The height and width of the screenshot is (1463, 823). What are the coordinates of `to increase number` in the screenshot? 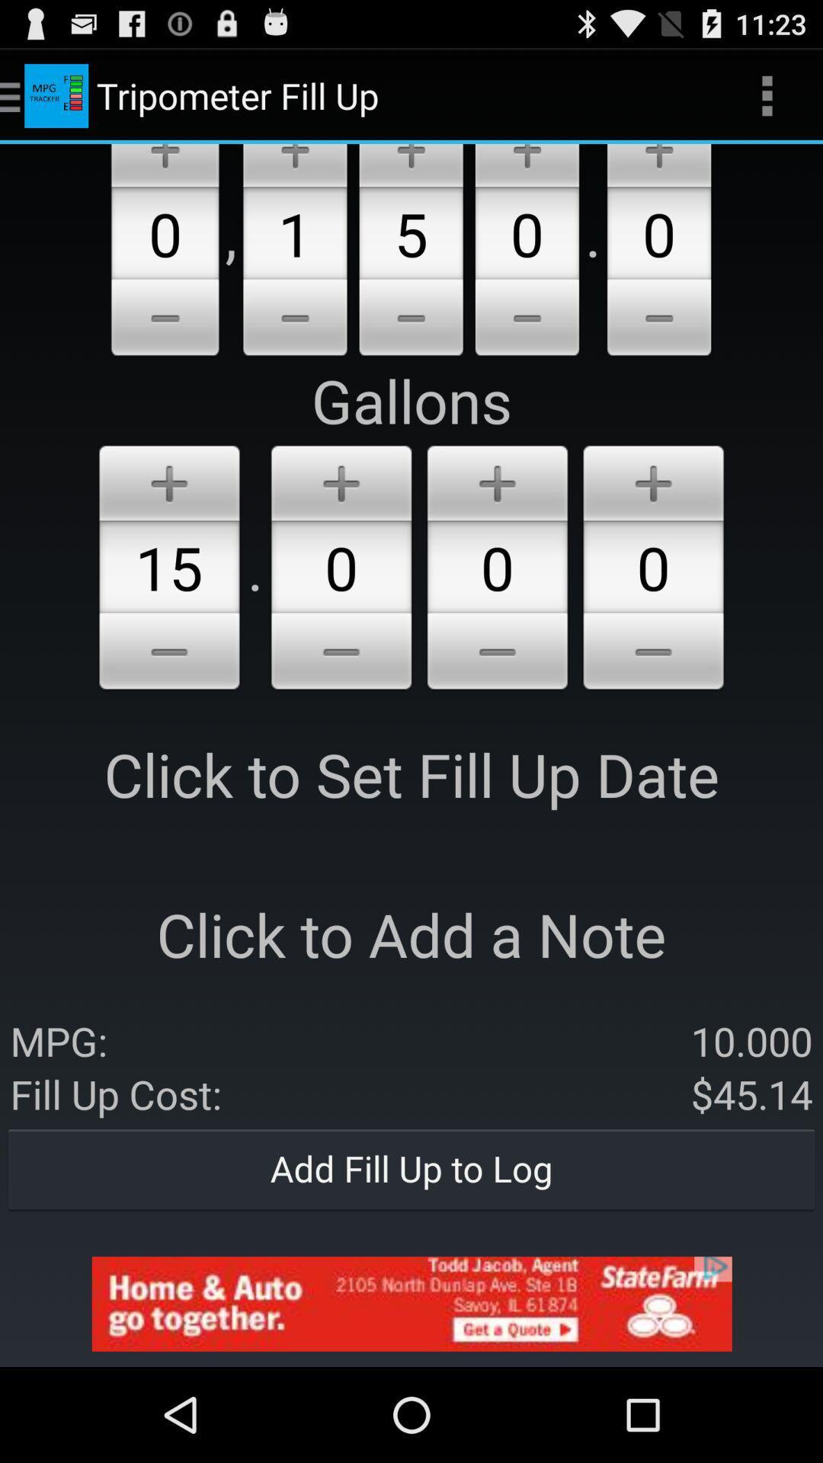 It's located at (497, 479).